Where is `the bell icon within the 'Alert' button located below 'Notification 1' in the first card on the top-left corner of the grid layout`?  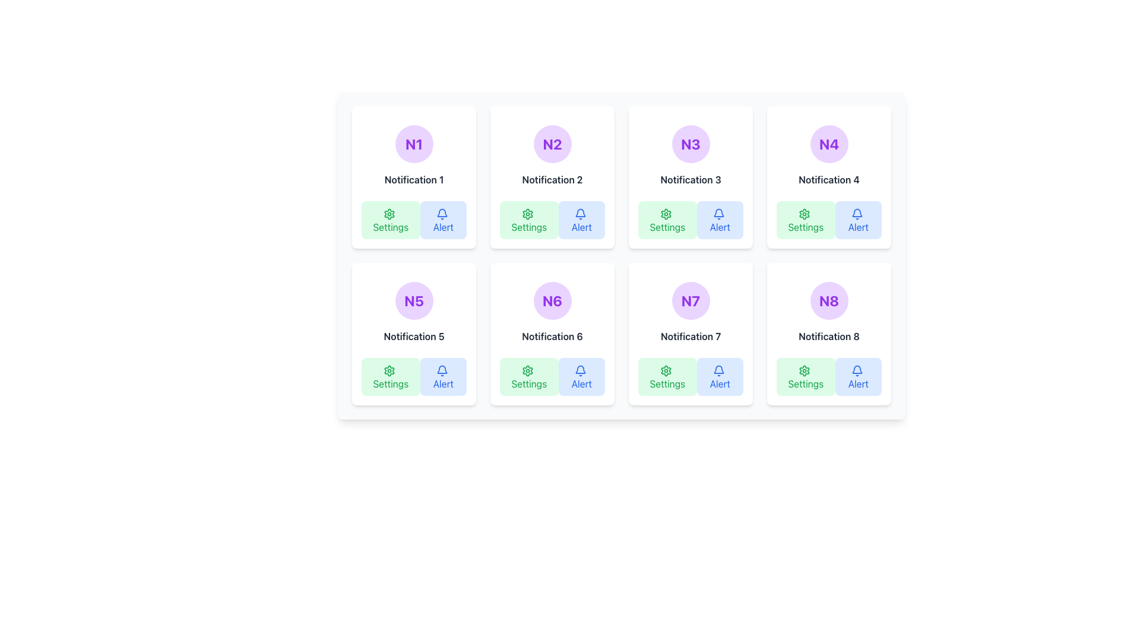
the bell icon within the 'Alert' button located below 'Notification 1' in the first card on the top-left corner of the grid layout is located at coordinates (441, 214).